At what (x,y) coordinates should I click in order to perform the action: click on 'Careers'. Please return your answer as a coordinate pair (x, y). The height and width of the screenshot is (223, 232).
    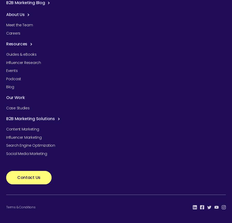
    Looking at the image, I should click on (13, 33).